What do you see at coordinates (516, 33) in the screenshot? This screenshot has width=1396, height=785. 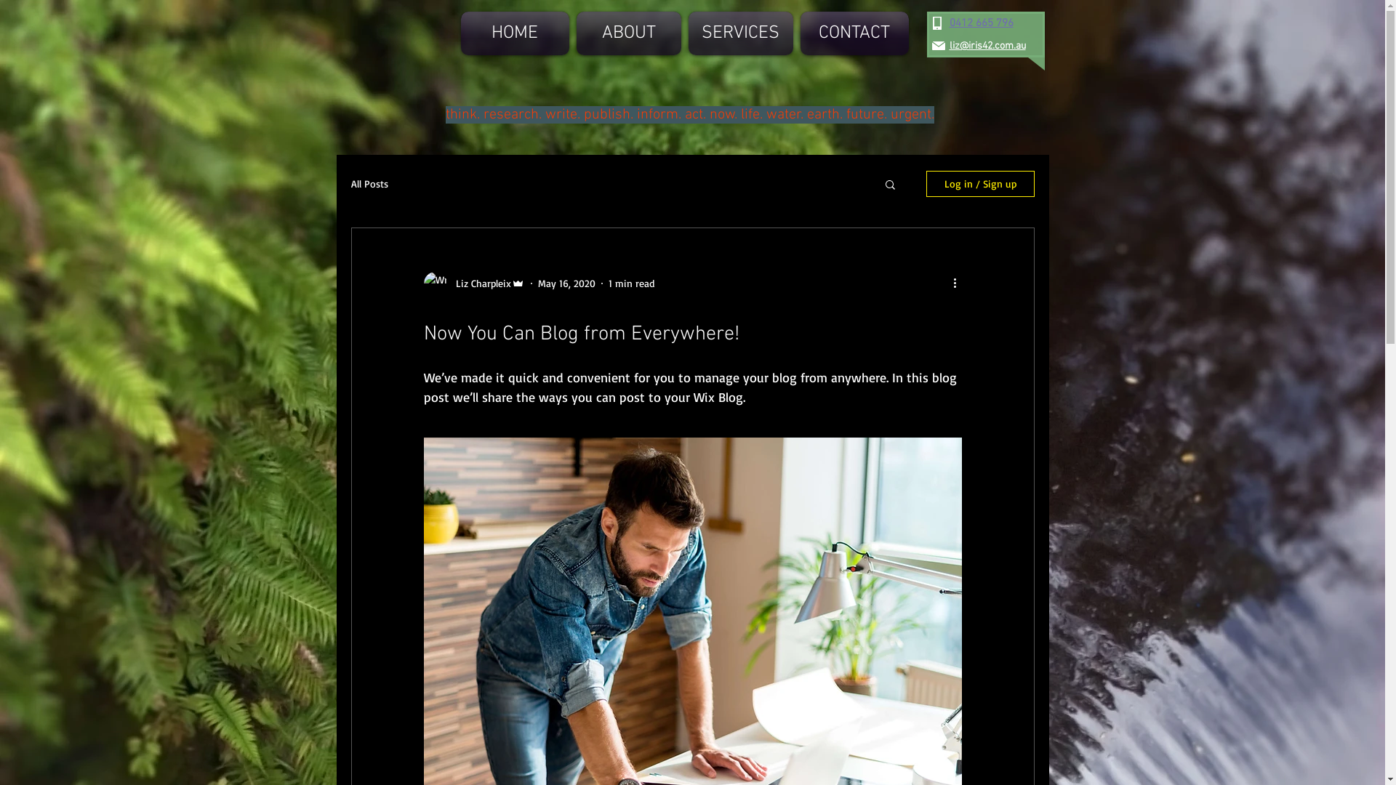 I see `'HOME'` at bounding box center [516, 33].